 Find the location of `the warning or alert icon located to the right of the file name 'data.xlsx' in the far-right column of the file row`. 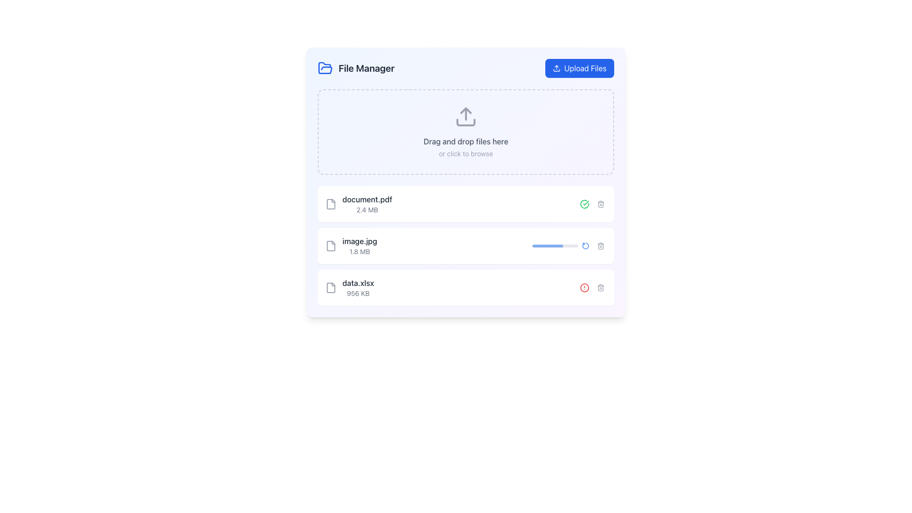

the warning or alert icon located to the right of the file name 'data.xlsx' in the far-right column of the file row is located at coordinates (584, 287).